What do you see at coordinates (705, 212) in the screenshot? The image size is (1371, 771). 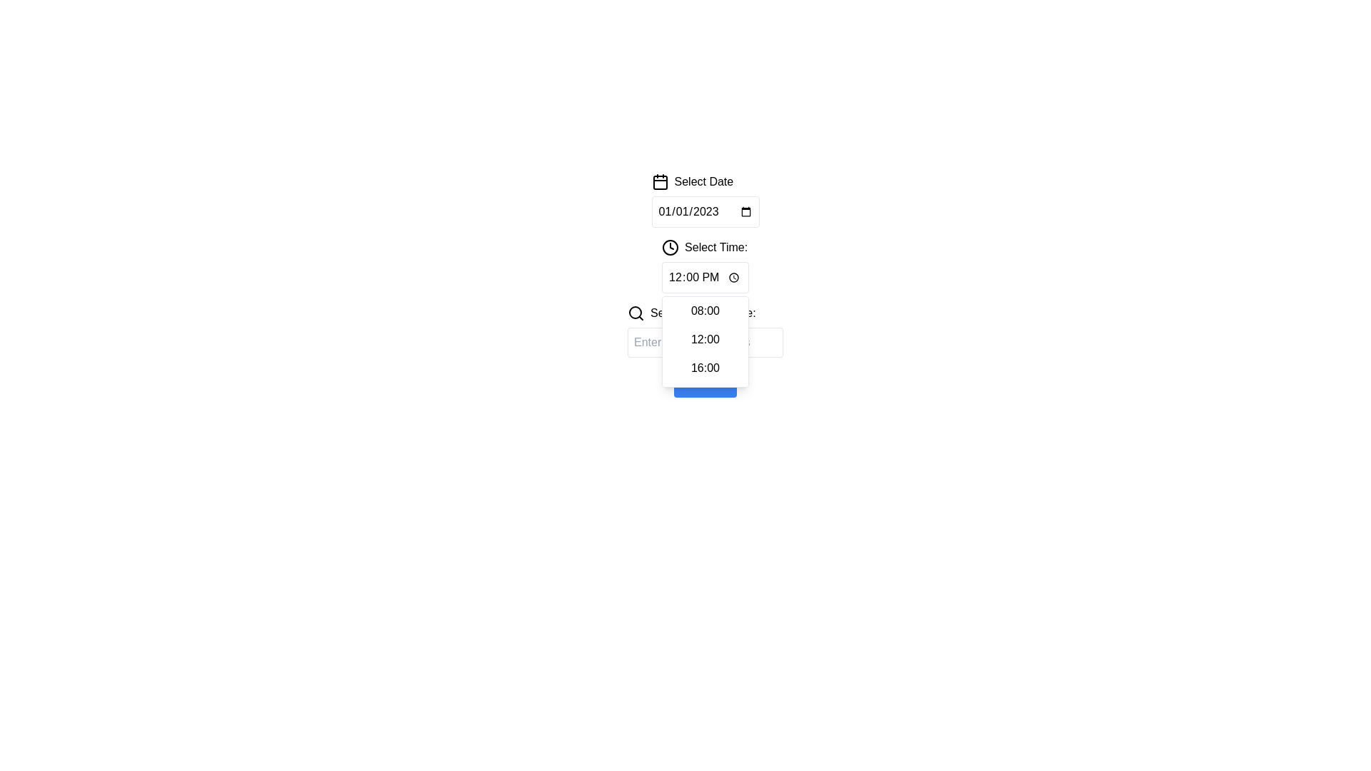 I see `the date input field that displays '01/01/2023', which is located below the 'Select Date' label and next to a calendar icon` at bounding box center [705, 212].